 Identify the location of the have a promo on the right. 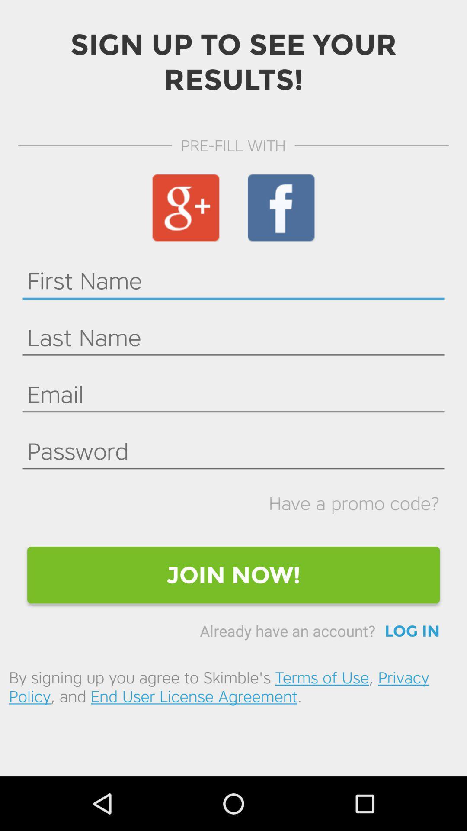
(354, 503).